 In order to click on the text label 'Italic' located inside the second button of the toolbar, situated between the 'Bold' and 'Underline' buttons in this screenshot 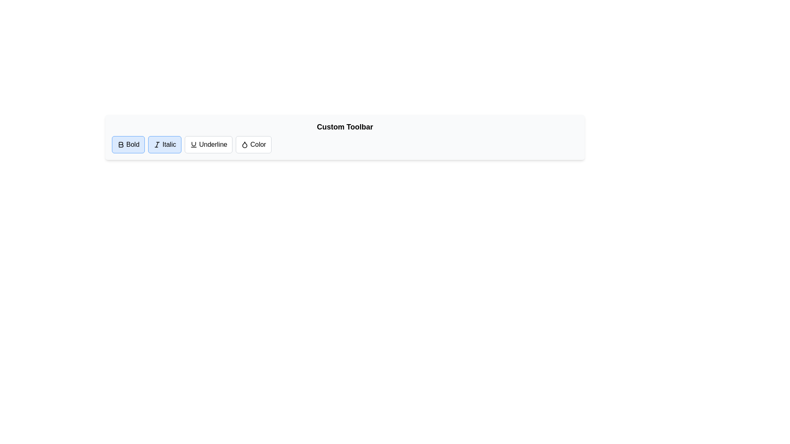, I will do `click(169, 144)`.